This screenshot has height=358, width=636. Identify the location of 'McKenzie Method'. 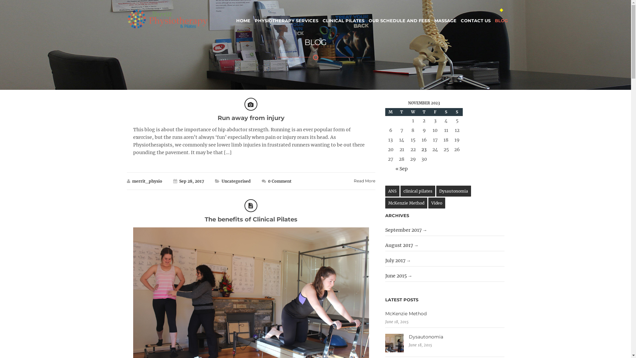
(406, 203).